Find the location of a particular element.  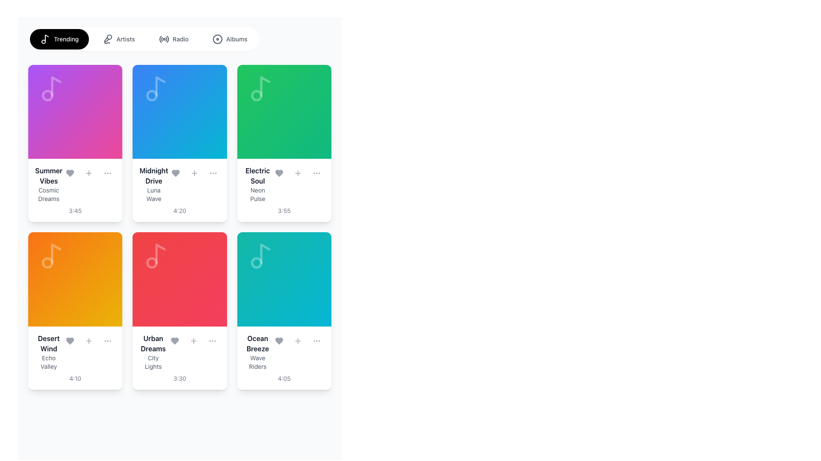

the heart-shaped icon to favorite the 'Electric Soul' song, located in the second card on the first row of music tracks, to the left of the '+' (add) element is located at coordinates (279, 173).